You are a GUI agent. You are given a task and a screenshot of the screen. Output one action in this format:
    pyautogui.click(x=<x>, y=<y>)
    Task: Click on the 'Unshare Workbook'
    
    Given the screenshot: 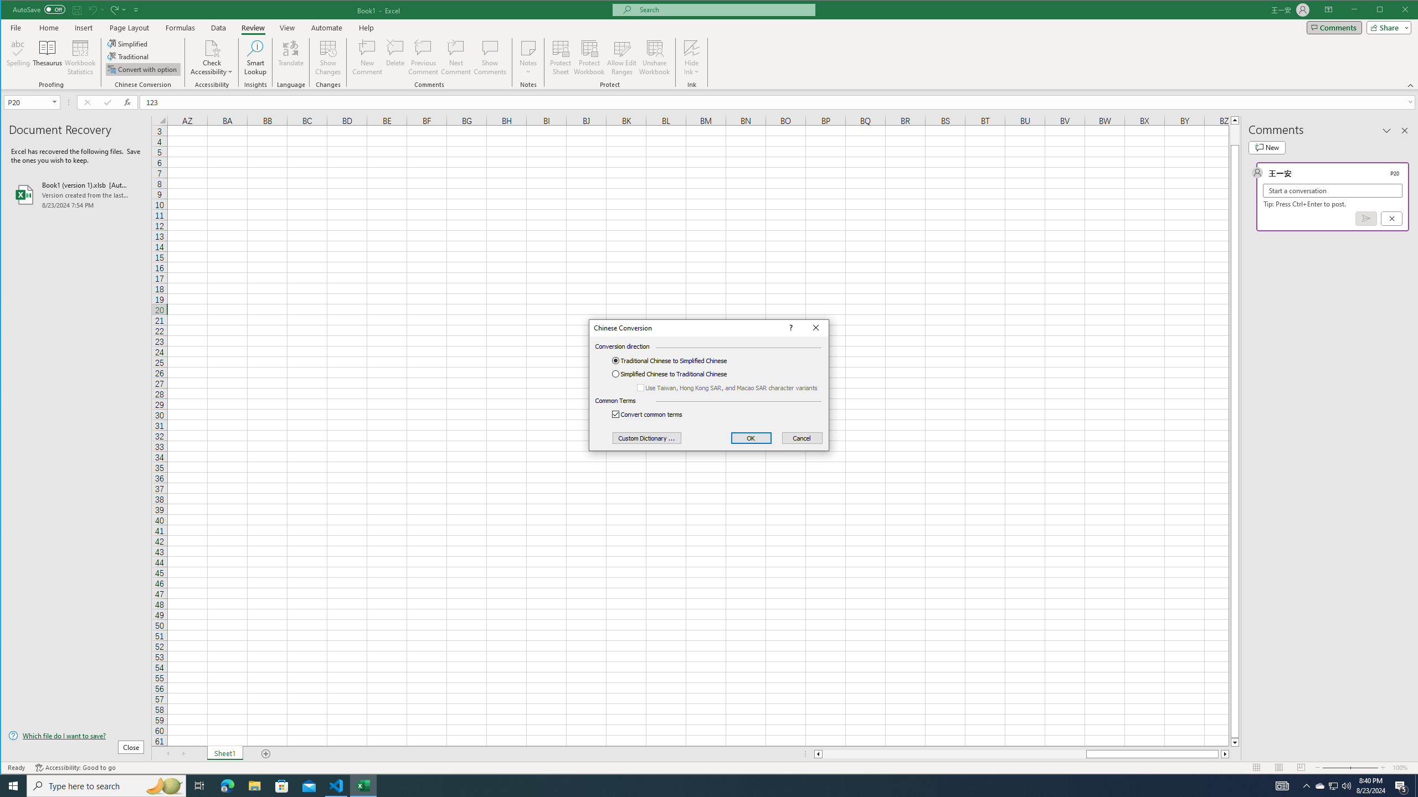 What is the action you would take?
    pyautogui.click(x=654, y=57)
    